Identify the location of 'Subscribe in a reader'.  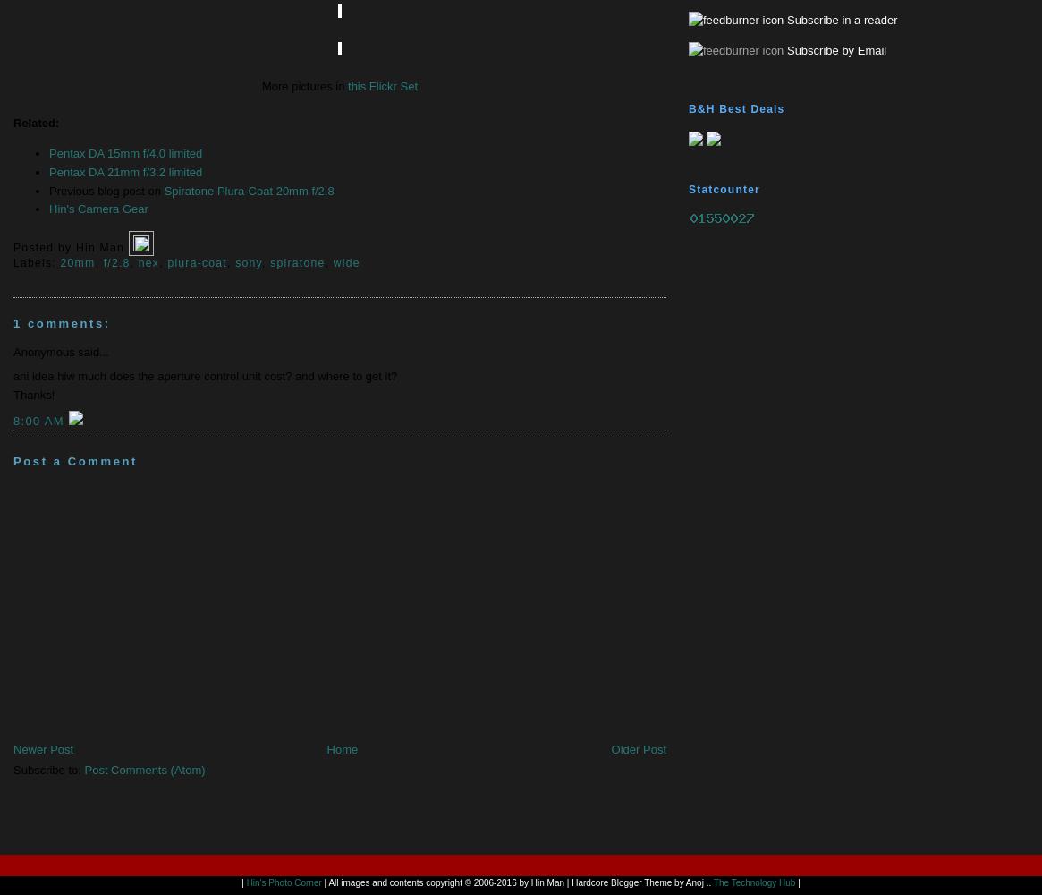
(840, 20).